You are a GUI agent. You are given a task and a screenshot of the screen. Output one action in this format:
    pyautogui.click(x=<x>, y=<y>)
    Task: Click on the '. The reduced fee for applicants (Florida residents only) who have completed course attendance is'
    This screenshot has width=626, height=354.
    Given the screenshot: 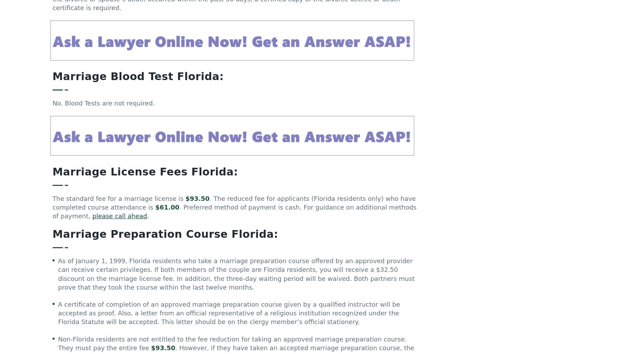 What is the action you would take?
    pyautogui.click(x=234, y=205)
    